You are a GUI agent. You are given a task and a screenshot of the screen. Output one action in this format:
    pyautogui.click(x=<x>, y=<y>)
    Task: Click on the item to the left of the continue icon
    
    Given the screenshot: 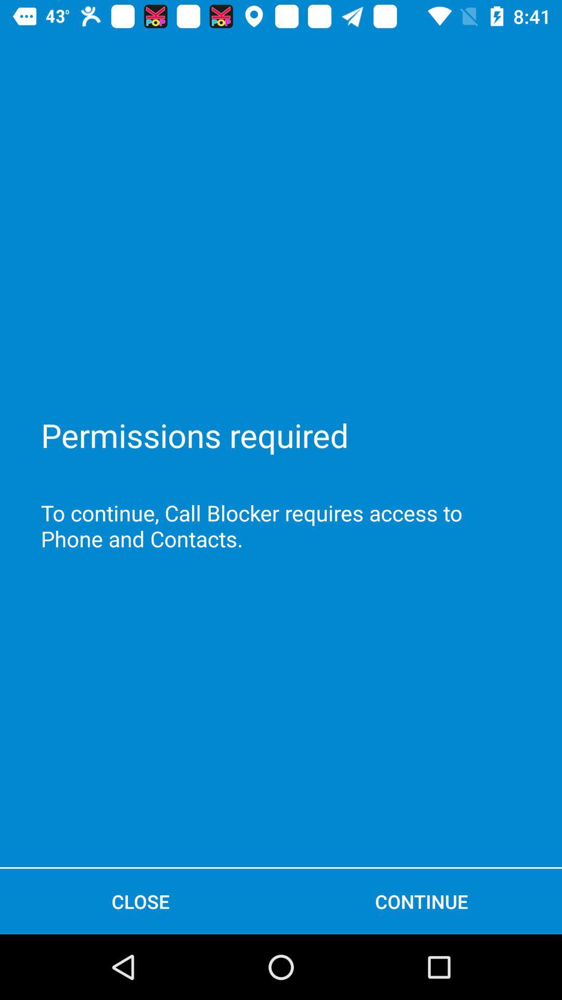 What is the action you would take?
    pyautogui.click(x=140, y=901)
    